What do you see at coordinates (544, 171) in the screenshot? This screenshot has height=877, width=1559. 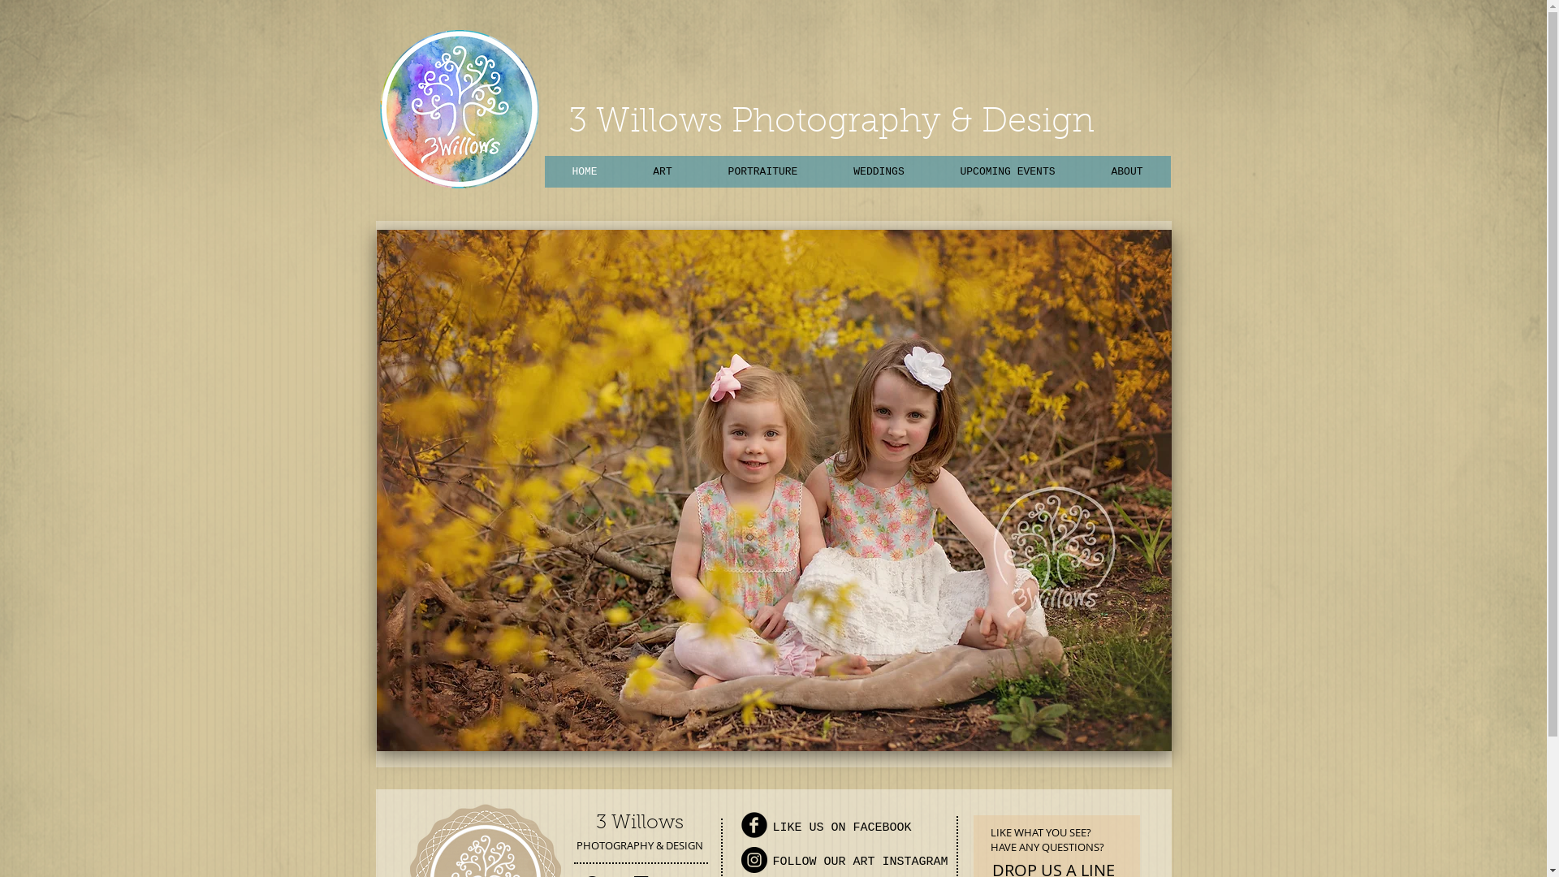 I see `'HOME'` at bounding box center [544, 171].